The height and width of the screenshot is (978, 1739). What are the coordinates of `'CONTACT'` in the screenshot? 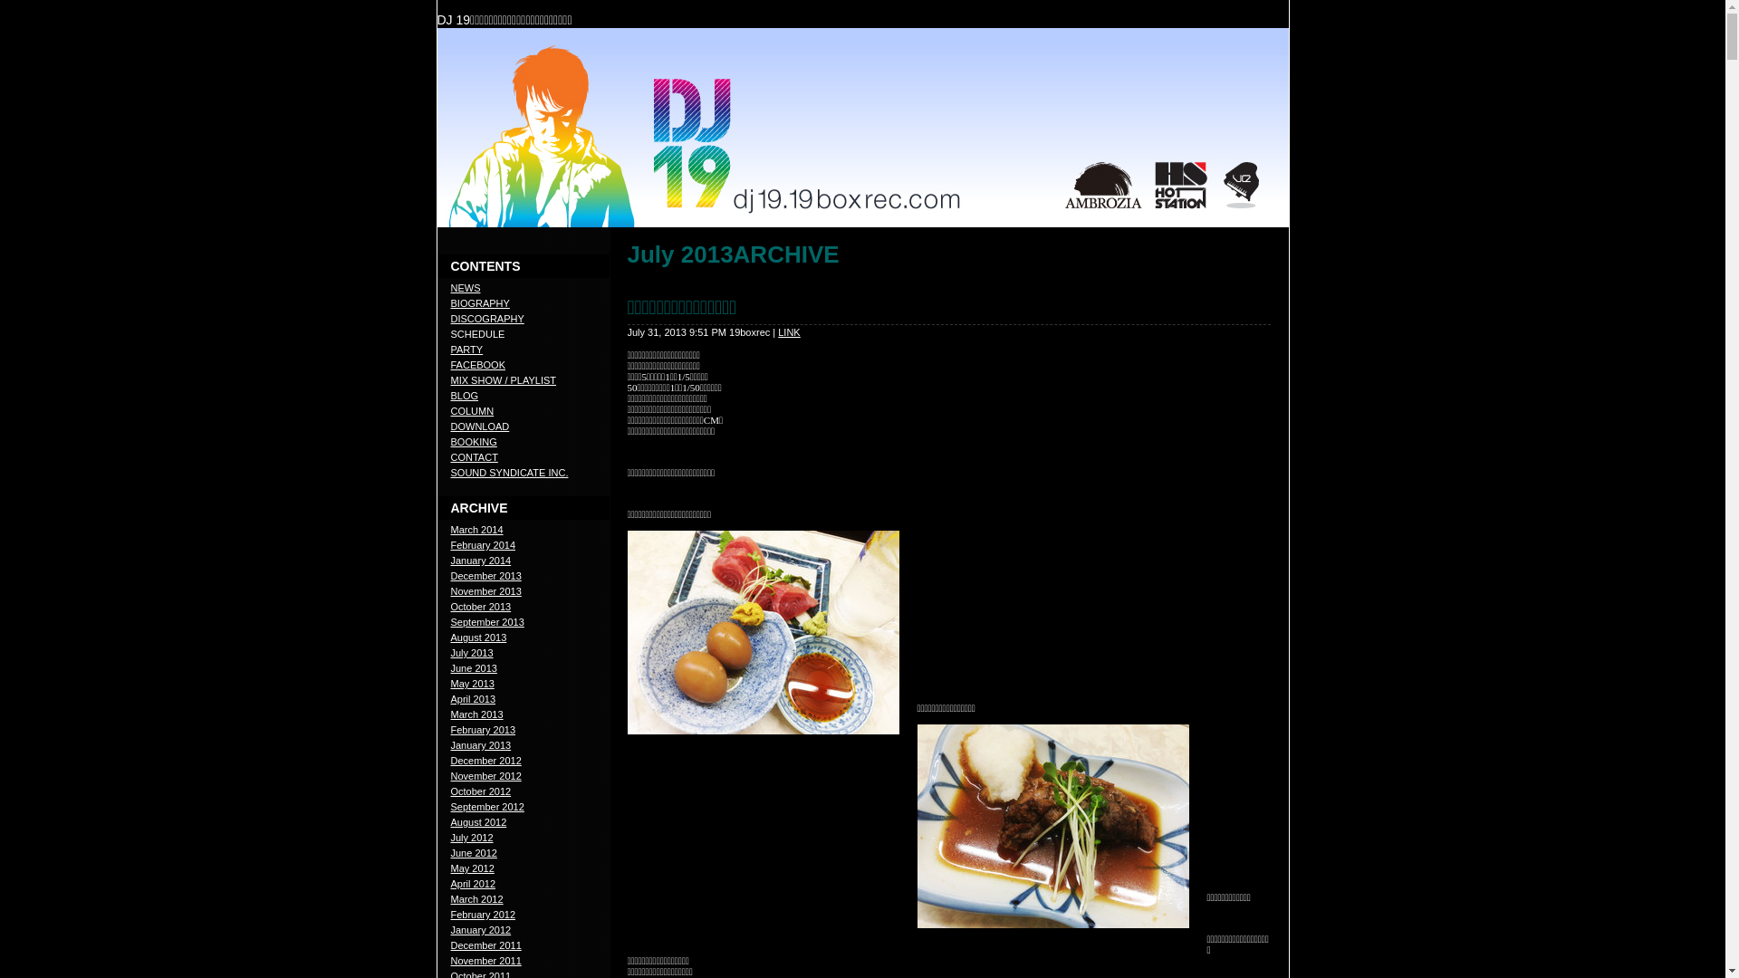 It's located at (474, 456).